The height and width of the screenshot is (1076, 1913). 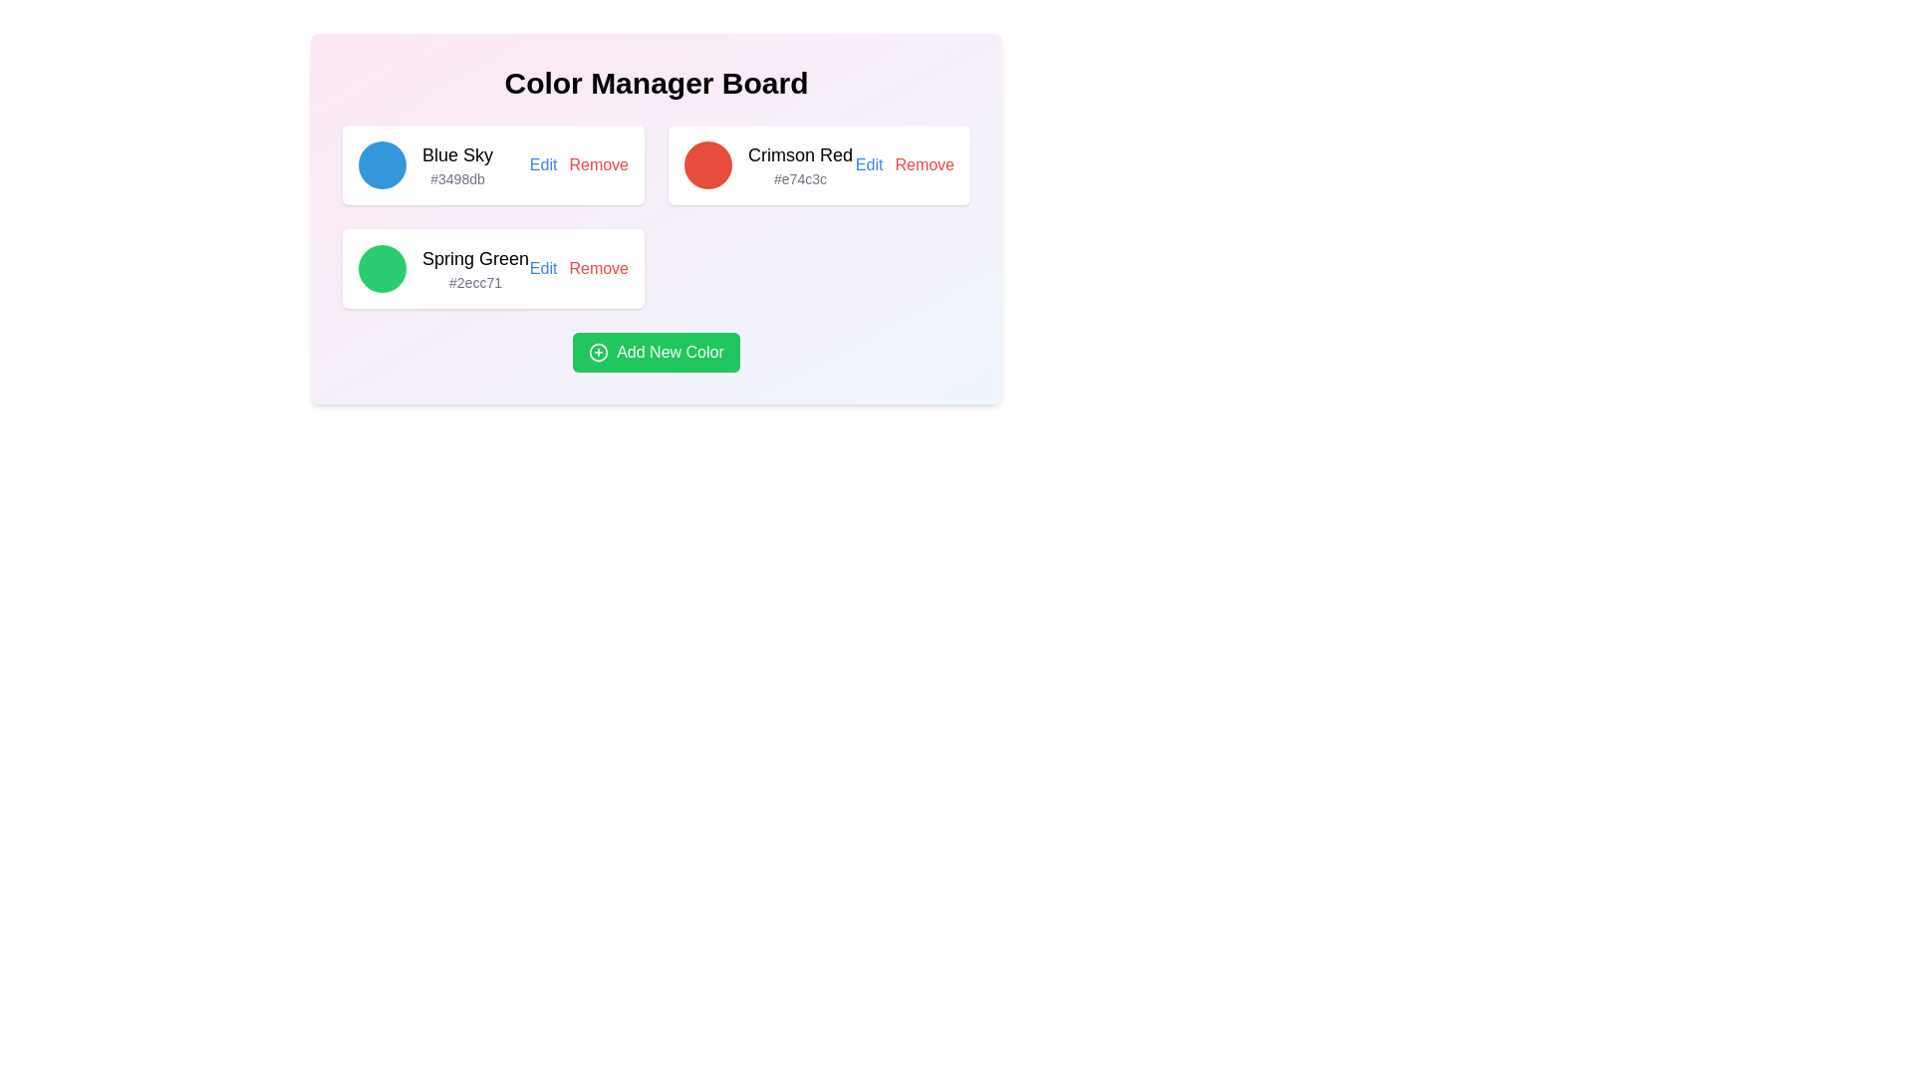 What do you see at coordinates (598, 352) in the screenshot?
I see `the icon located at the left side of the 'Add New Color' button in the lower section of the color management panel to trigger any state change` at bounding box center [598, 352].